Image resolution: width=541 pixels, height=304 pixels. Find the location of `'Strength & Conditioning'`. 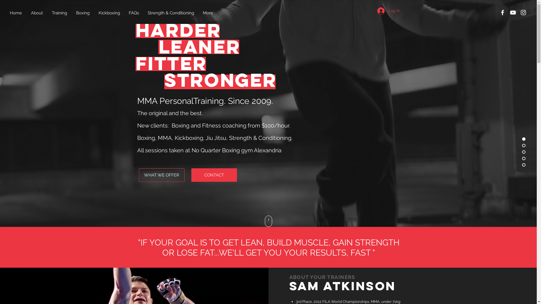

'Strength & Conditioning' is located at coordinates (170, 13).